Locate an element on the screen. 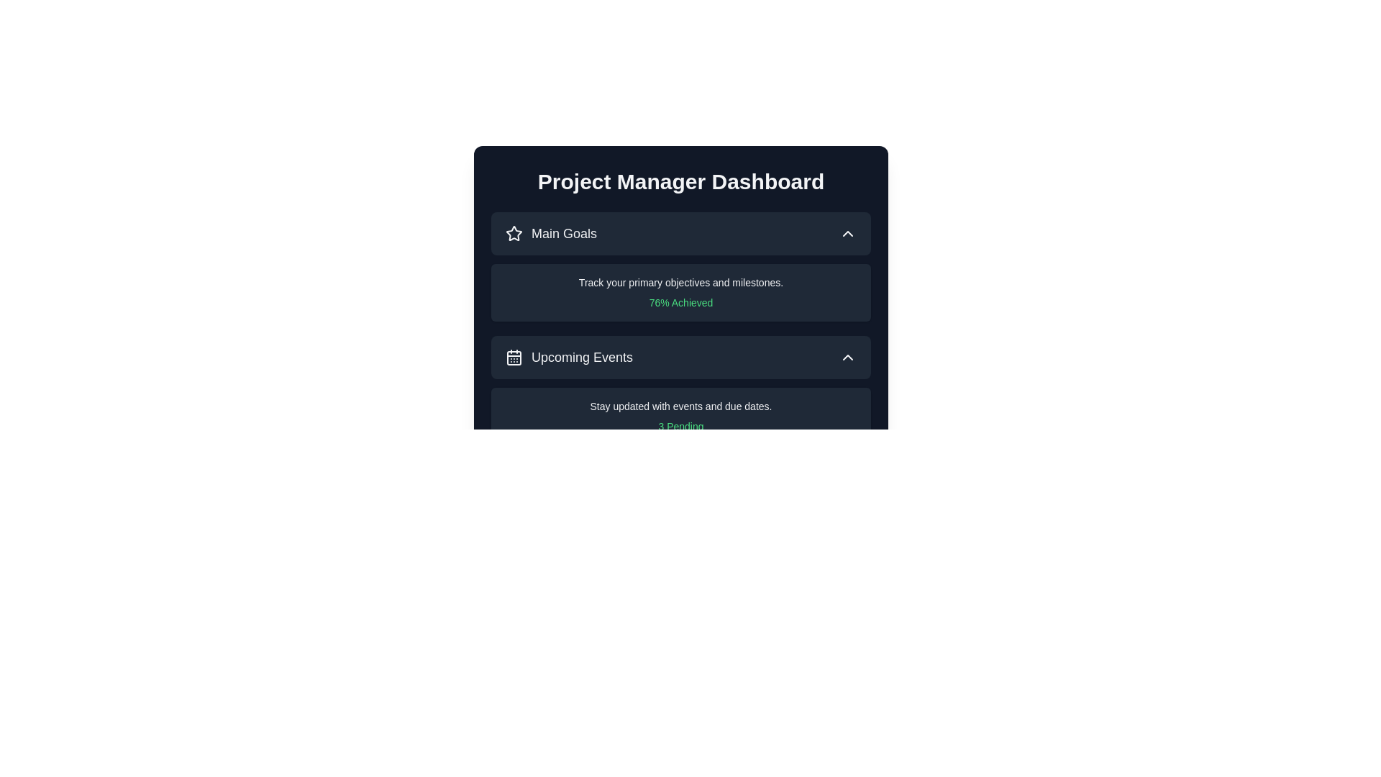 The height and width of the screenshot is (777, 1381). the icon associated with Upcoming Events is located at coordinates (514, 357).